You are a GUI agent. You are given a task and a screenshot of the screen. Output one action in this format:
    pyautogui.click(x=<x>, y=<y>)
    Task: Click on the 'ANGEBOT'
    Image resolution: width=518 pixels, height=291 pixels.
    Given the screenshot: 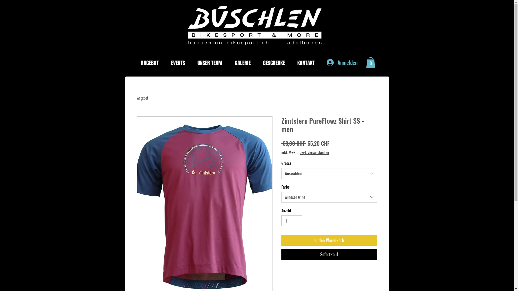 What is the action you would take?
    pyautogui.click(x=136, y=63)
    